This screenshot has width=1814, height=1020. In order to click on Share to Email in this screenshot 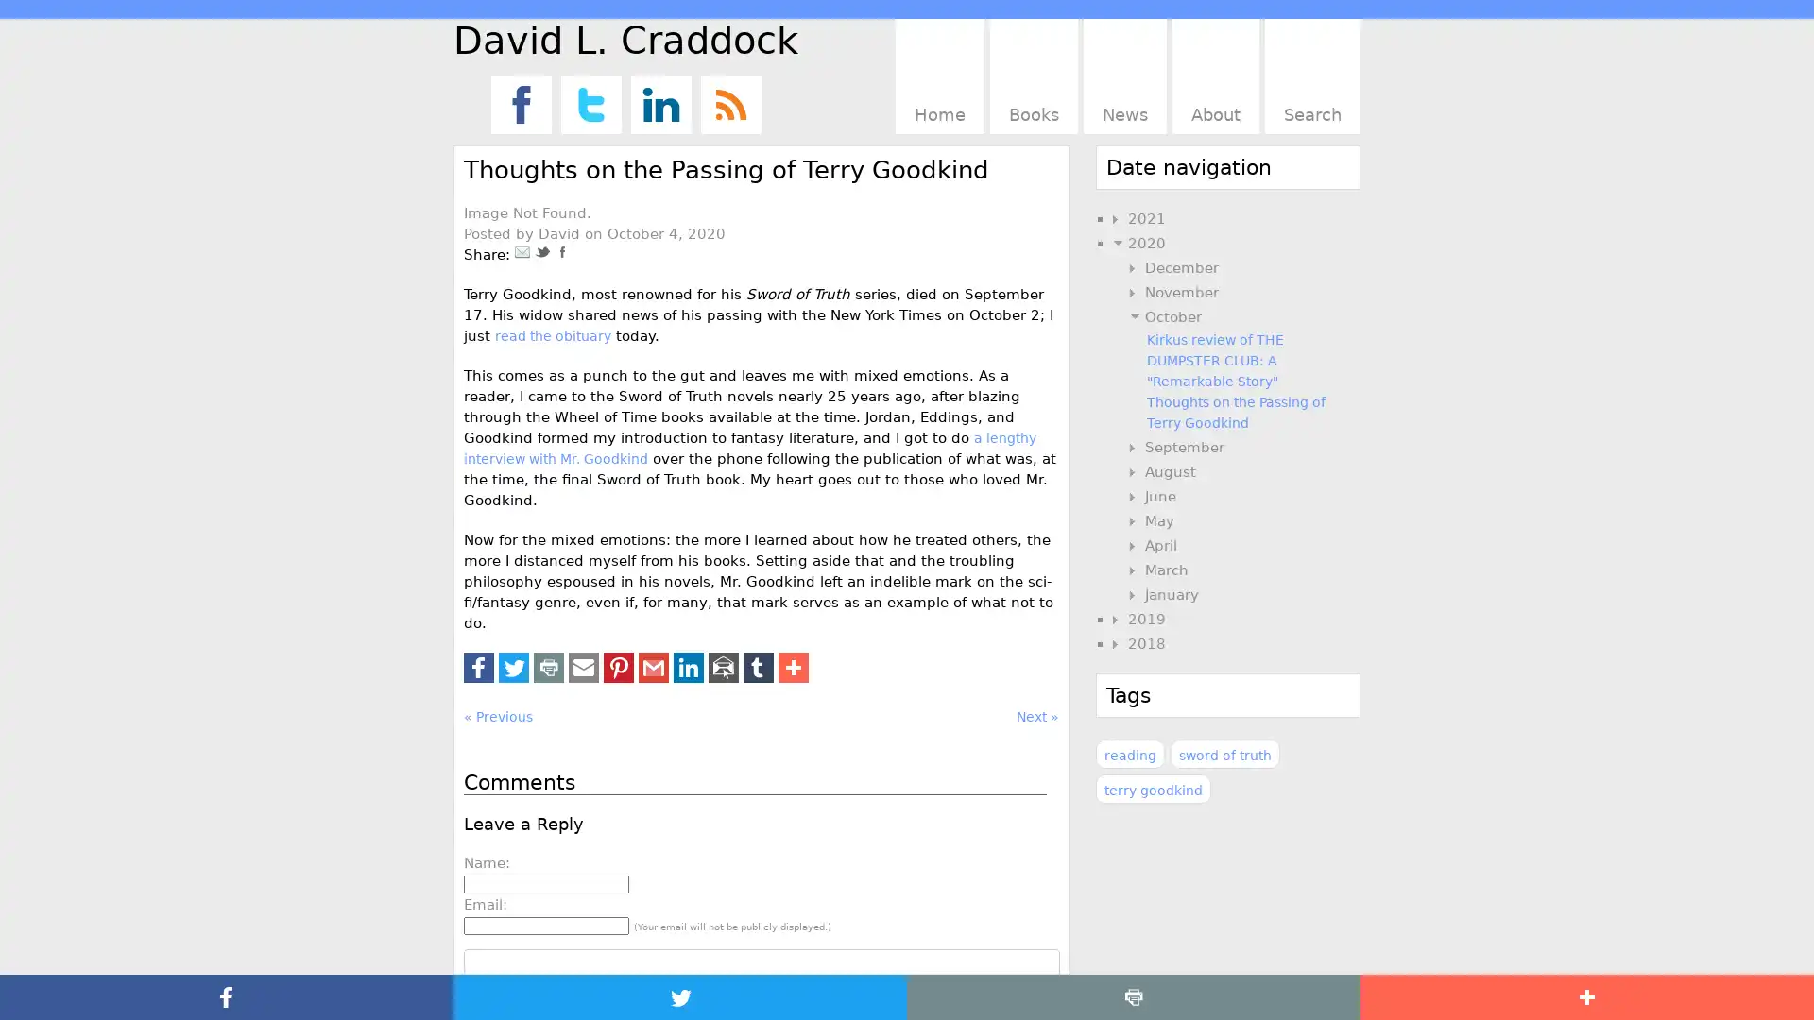, I will do `click(583, 666)`.